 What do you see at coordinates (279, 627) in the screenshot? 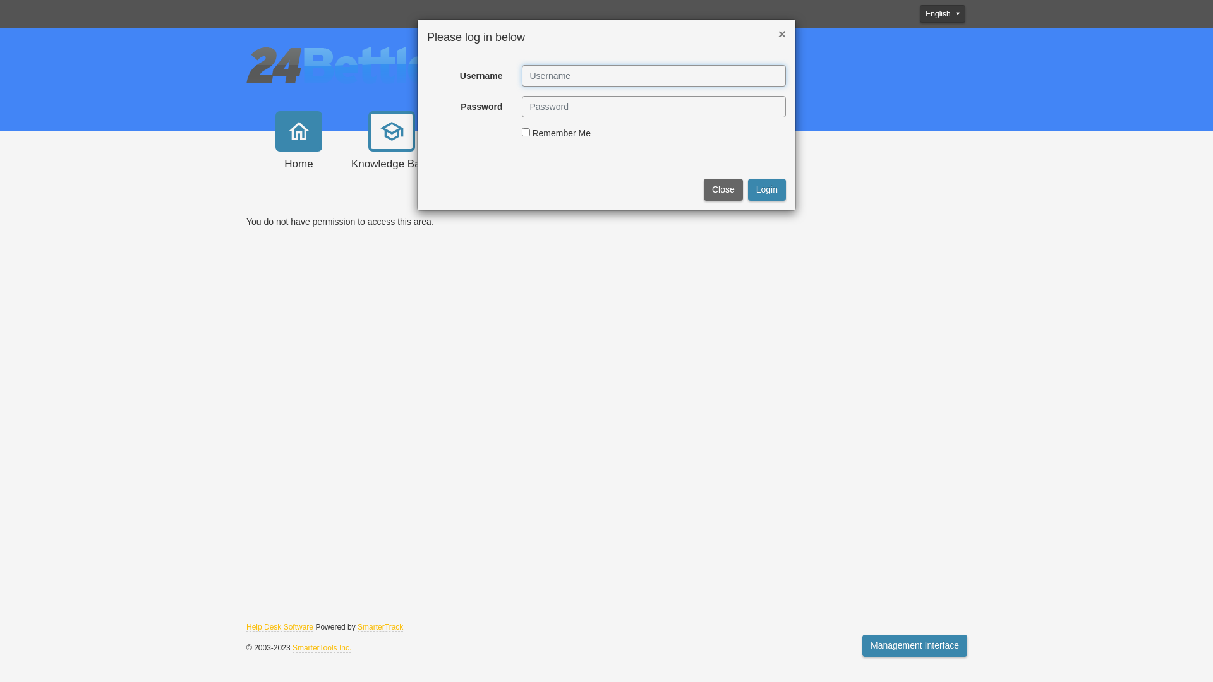
I see `'Help Desk Software'` at bounding box center [279, 627].